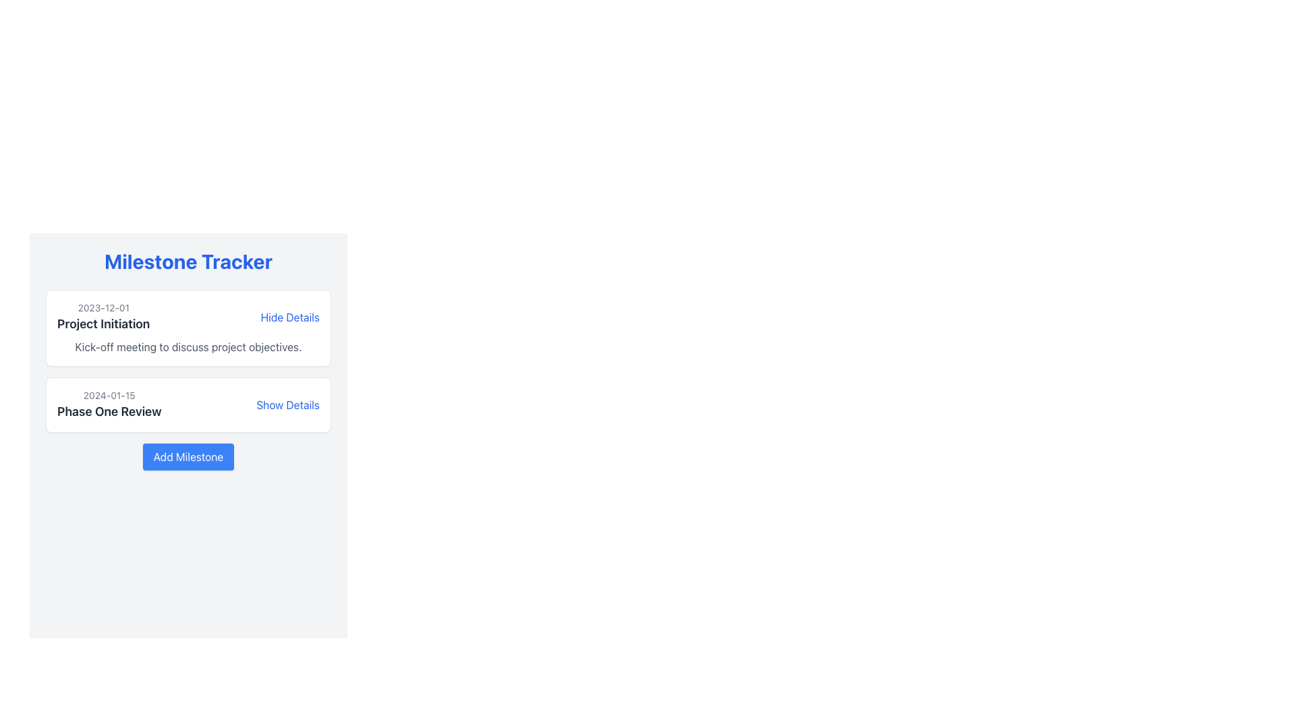  Describe the element at coordinates (103, 324) in the screenshot. I see `the Text Label displaying 'Project Initiation' which is located under the date label '2023-12-01' in the first milestone card of the 'Milestone Tracker' section` at that location.